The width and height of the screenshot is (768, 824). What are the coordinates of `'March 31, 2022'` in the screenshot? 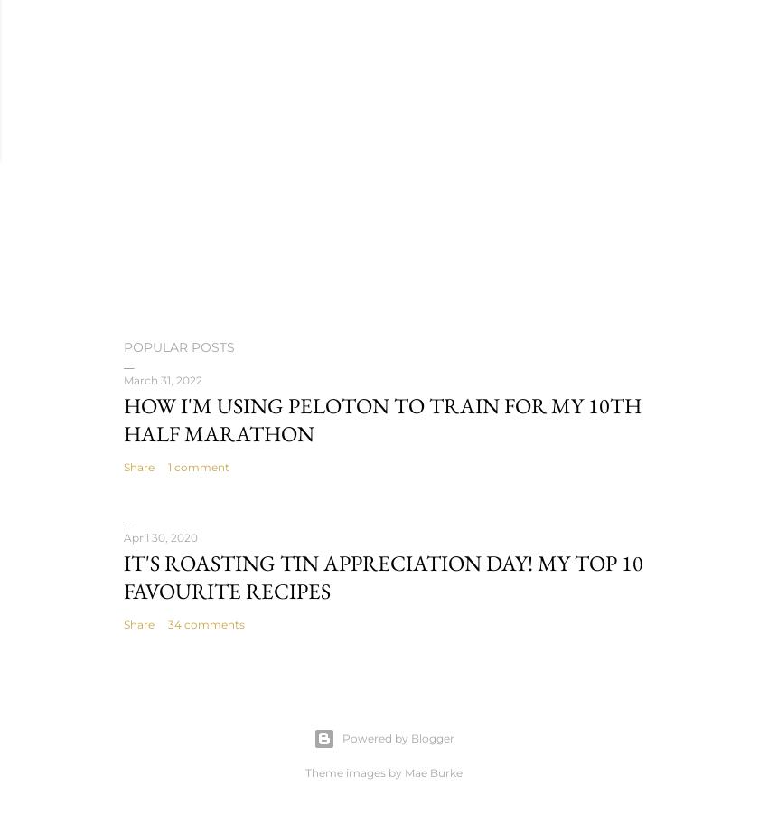 It's located at (124, 379).